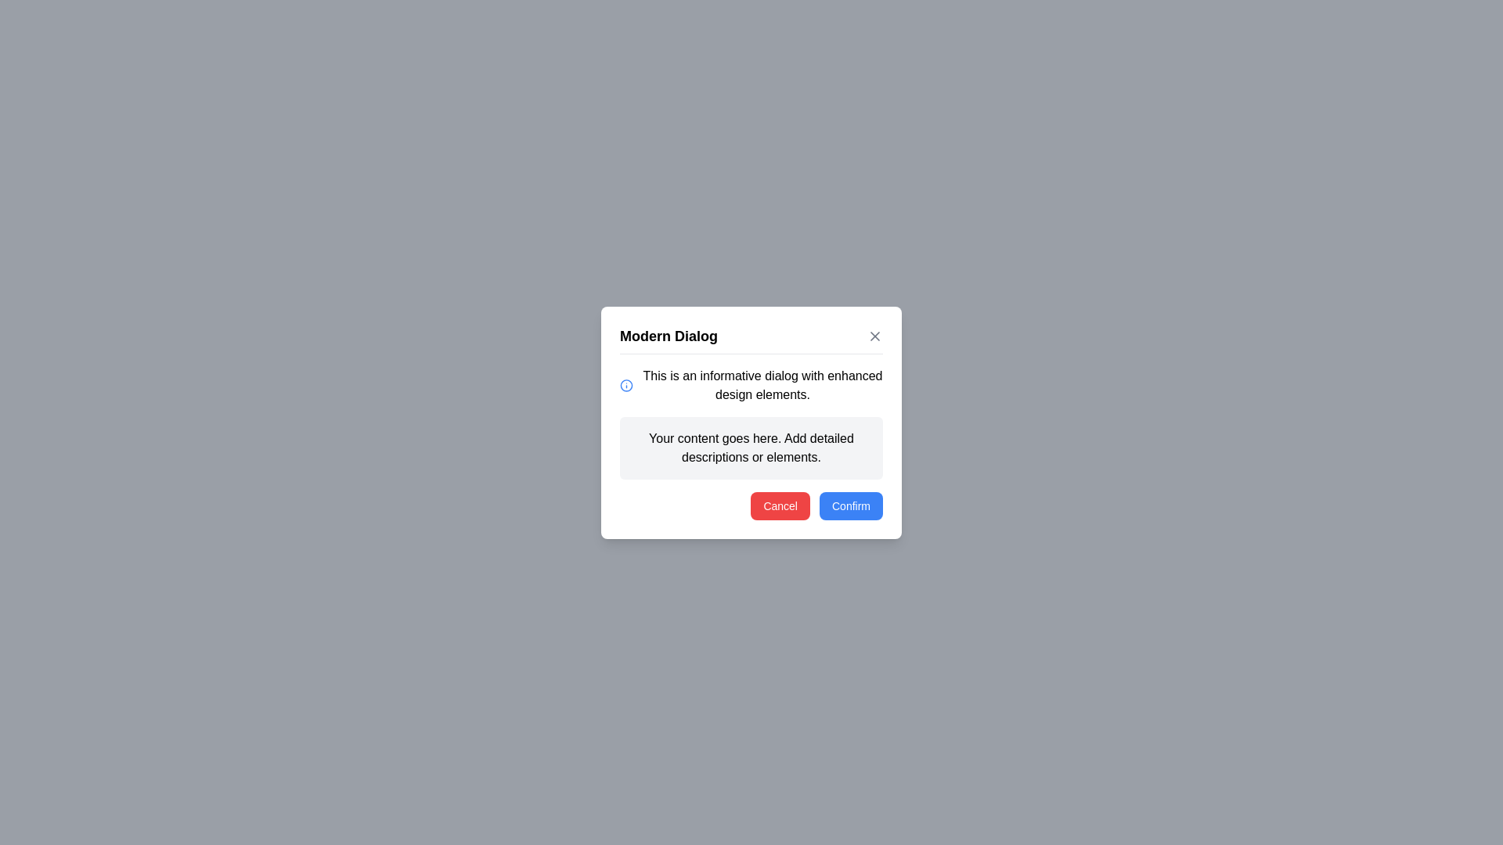 This screenshot has width=1503, height=845. Describe the element at coordinates (751, 448) in the screenshot. I see `the static text label displaying the message 'Your content goes here. Add detailed descriptions or elements.' located in the 'Modern Dialog' dialog box, centered below the description line` at that location.